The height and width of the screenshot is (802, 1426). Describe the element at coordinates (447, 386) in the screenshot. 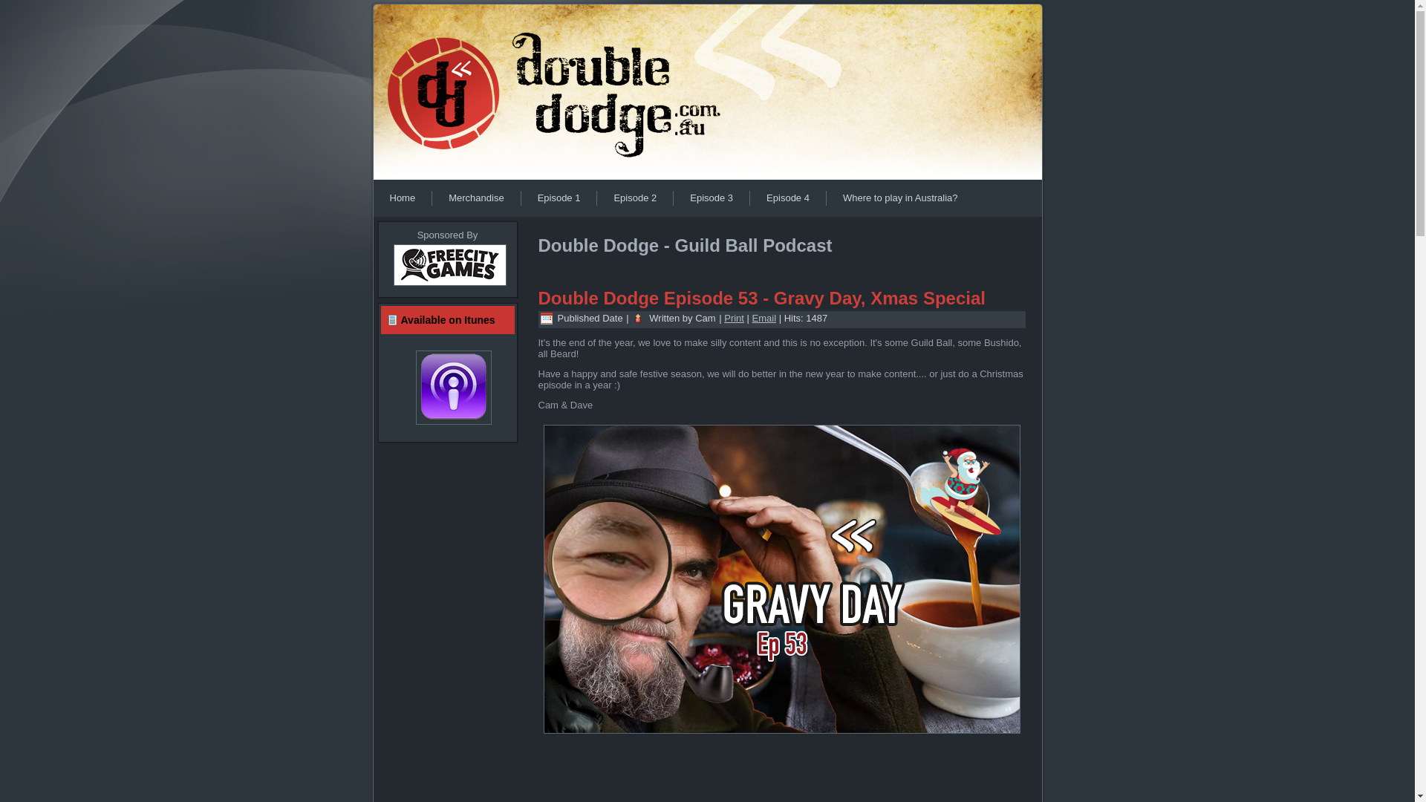

I see `'Itunes Double Dodge Podcast'` at that location.